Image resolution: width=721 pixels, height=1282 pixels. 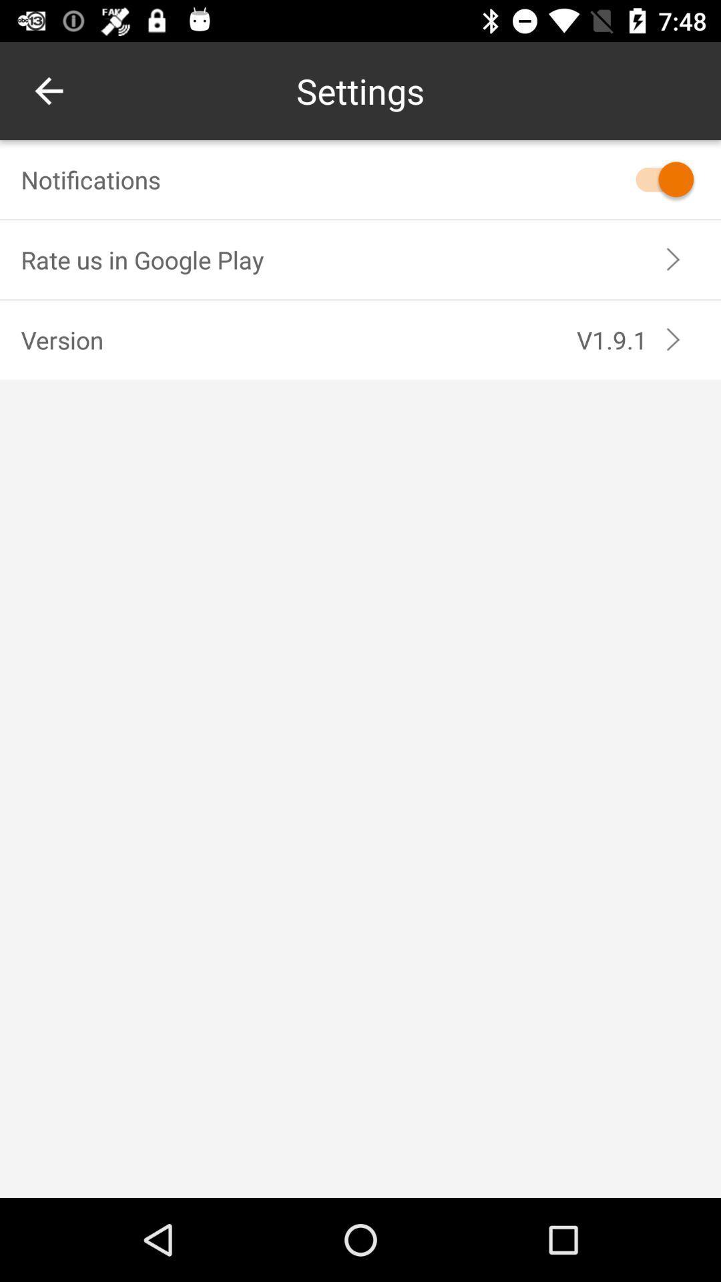 What do you see at coordinates (658, 178) in the screenshot?
I see `notifications option` at bounding box center [658, 178].